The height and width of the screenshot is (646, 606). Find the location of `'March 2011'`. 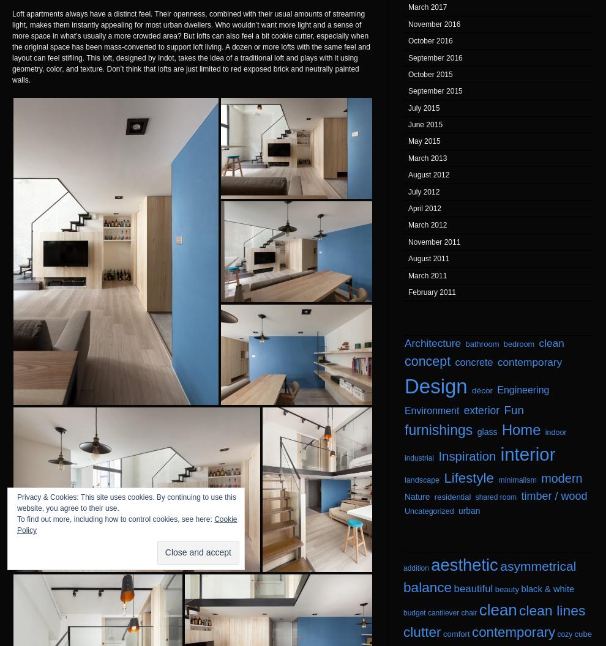

'March 2011' is located at coordinates (427, 275).